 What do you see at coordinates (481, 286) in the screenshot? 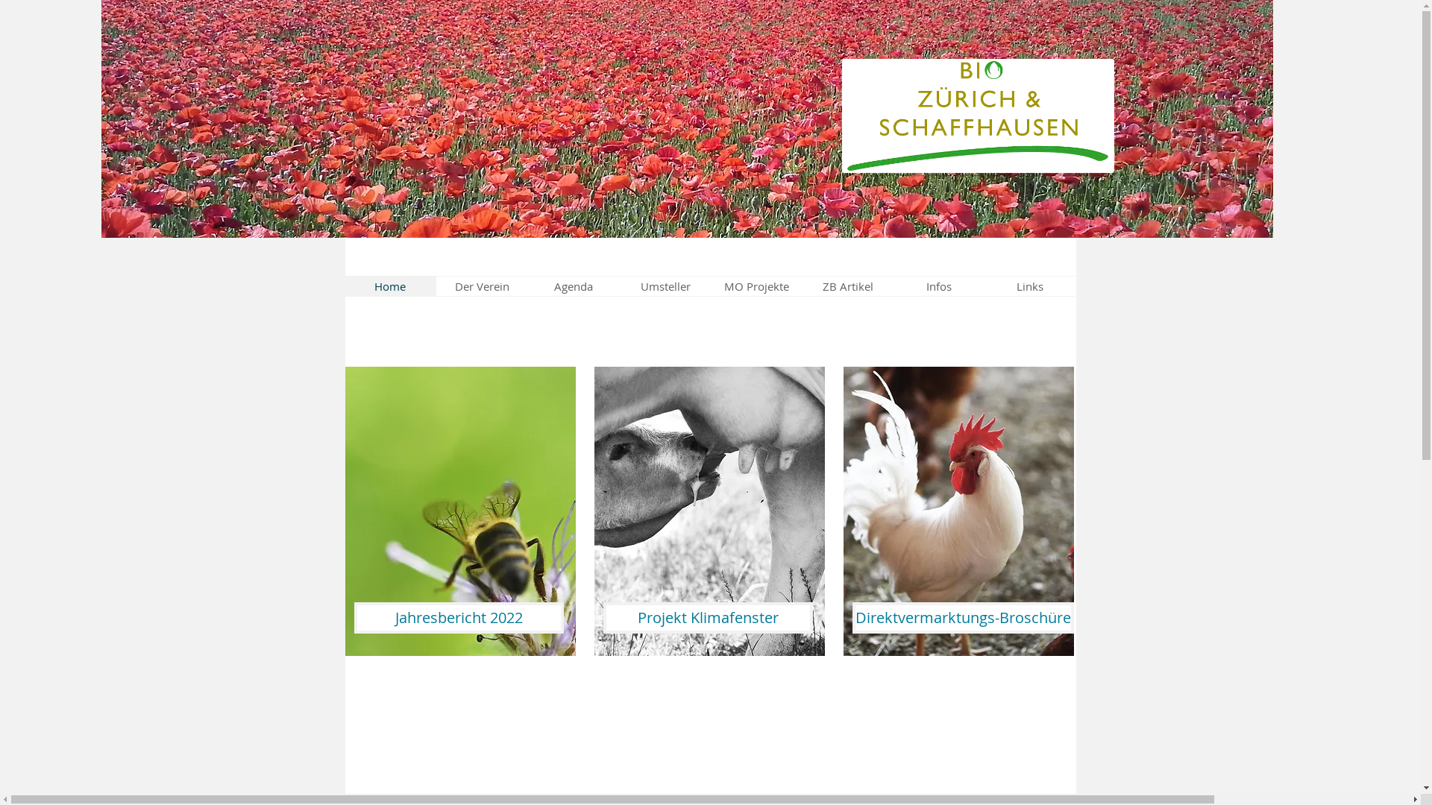
I see `'Der Verein'` at bounding box center [481, 286].